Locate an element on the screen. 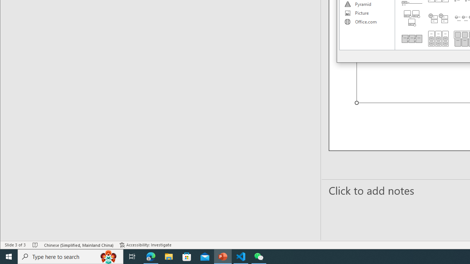 Image resolution: width=470 pixels, height=264 pixels. 'Pyramid' is located at coordinates (367, 4).